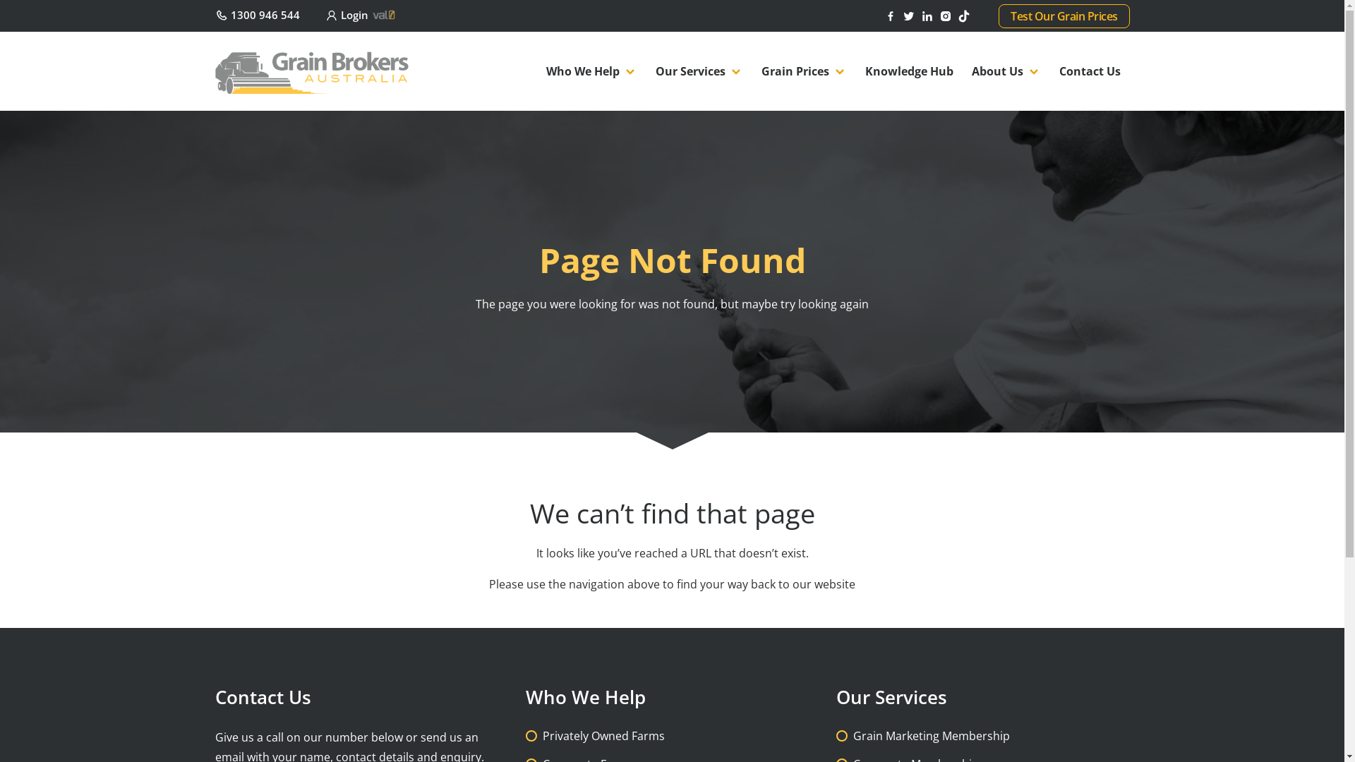  What do you see at coordinates (311, 70) in the screenshot?
I see `'Grain Brokers Australia'` at bounding box center [311, 70].